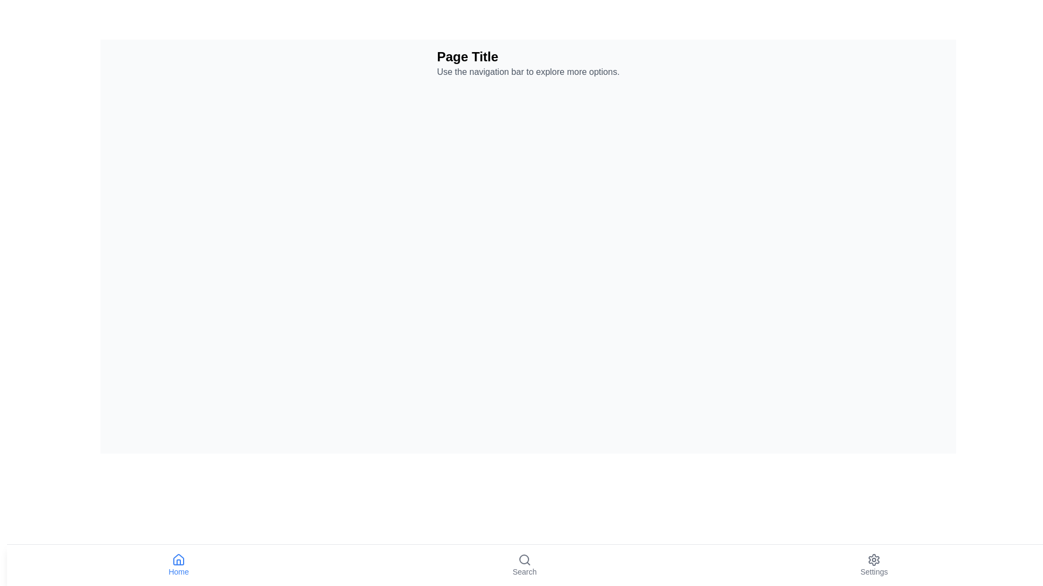 The height and width of the screenshot is (586, 1043). I want to click on the magnifying glass icon in the bottom navigation bar, so click(524, 560).